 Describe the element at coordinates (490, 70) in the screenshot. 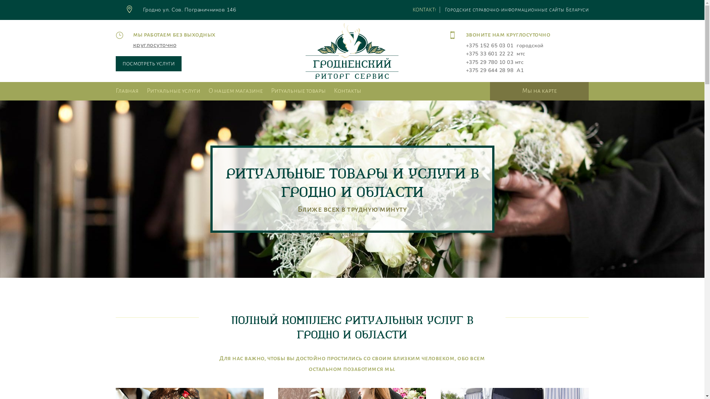

I see `'+375 29 644 28 98'` at that location.